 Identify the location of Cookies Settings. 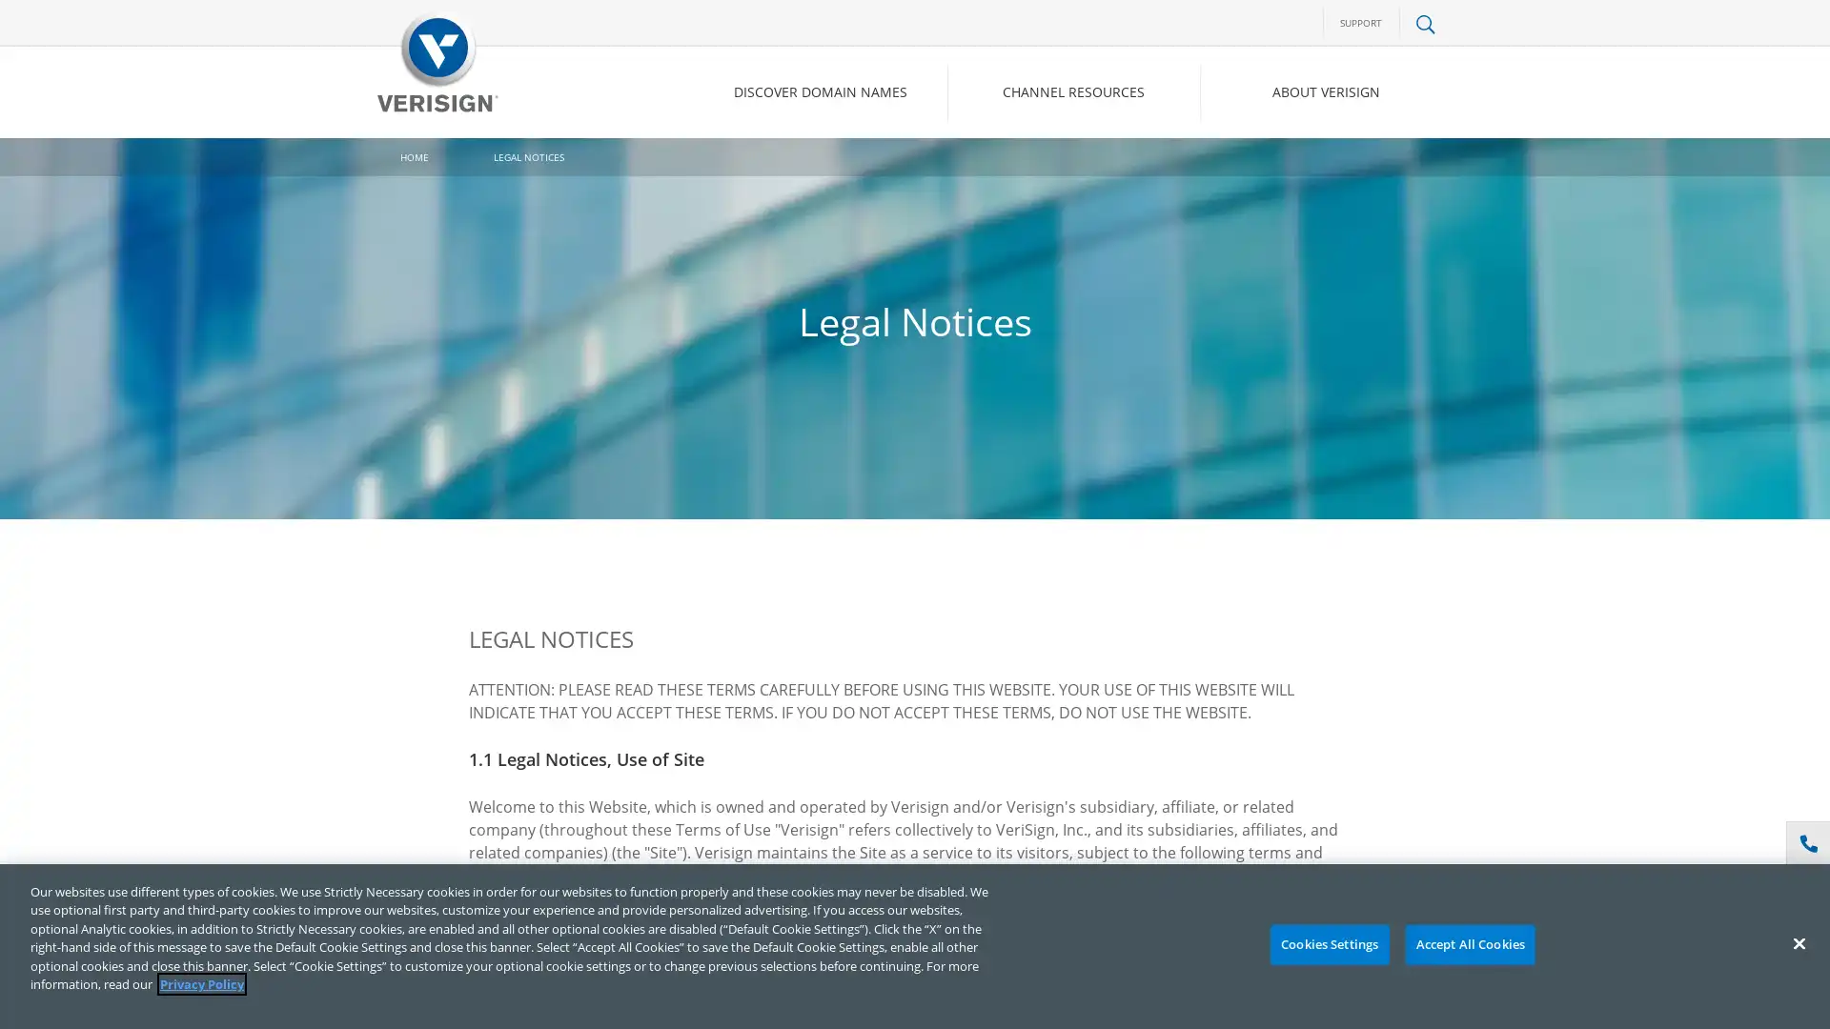
(1328, 944).